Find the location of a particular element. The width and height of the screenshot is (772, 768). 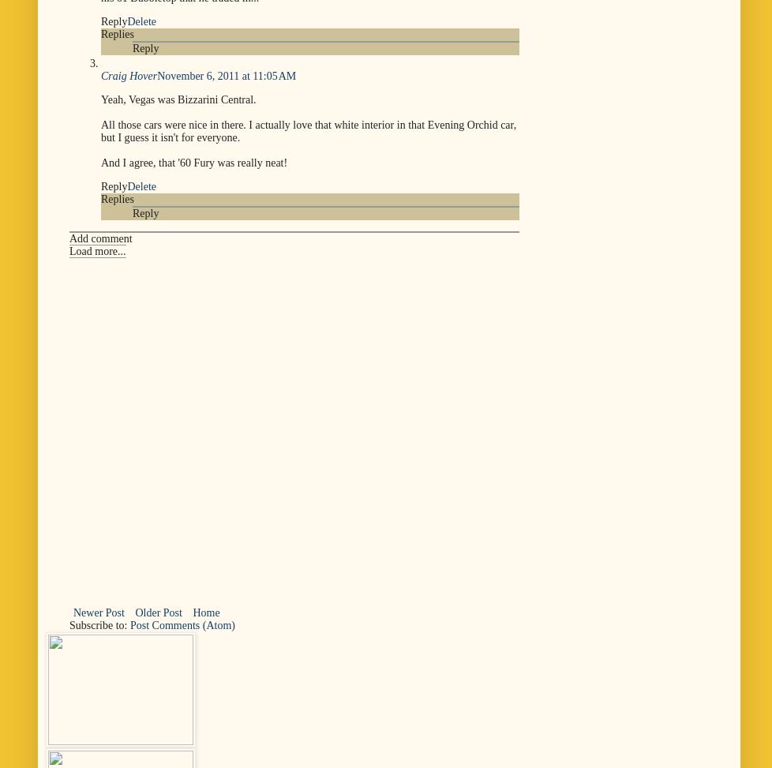

'Older Post' is located at coordinates (158, 611).